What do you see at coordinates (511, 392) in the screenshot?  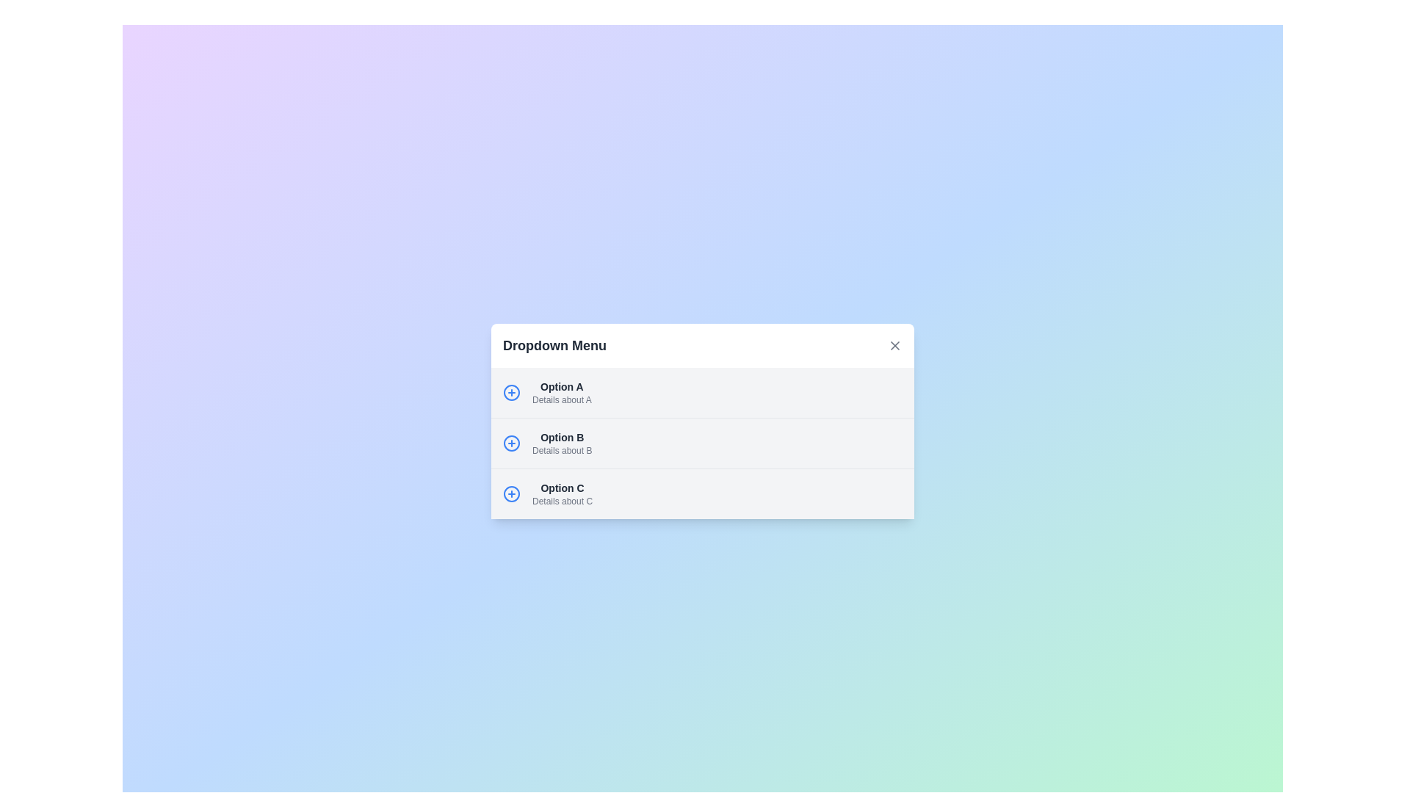 I see `the circular blue icon button with a plus symbol, located to the left of the text 'Option A' in the vertical list` at bounding box center [511, 392].